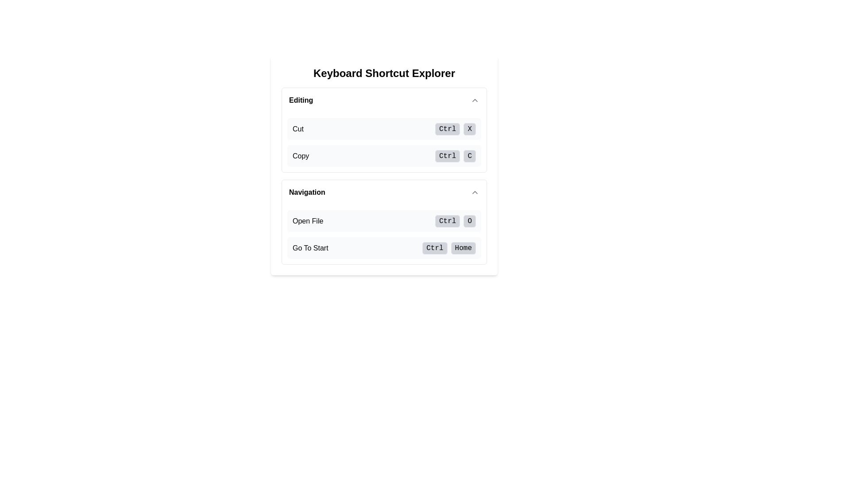 Image resolution: width=850 pixels, height=478 pixels. What do you see at coordinates (475, 192) in the screenshot?
I see `the toggle button located at the far right of the 'Navigation' section` at bounding box center [475, 192].